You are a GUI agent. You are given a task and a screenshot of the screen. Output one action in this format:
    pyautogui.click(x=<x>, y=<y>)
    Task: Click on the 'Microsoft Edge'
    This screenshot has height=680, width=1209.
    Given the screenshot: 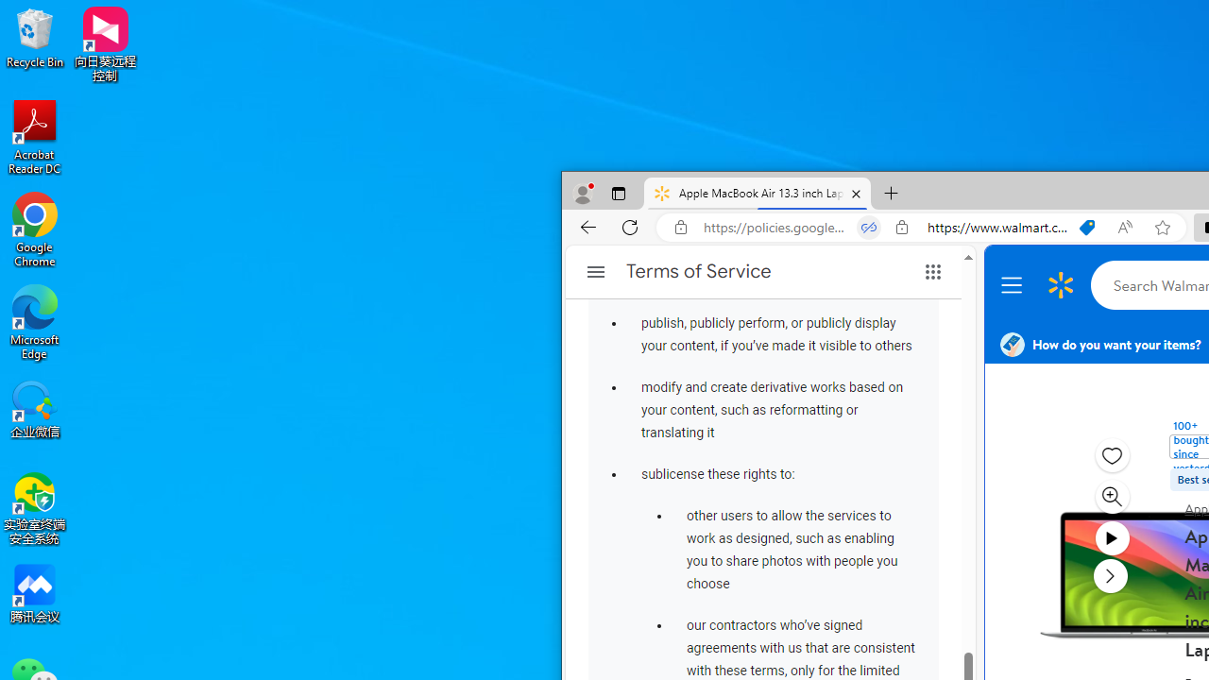 What is the action you would take?
    pyautogui.click(x=35, y=321)
    